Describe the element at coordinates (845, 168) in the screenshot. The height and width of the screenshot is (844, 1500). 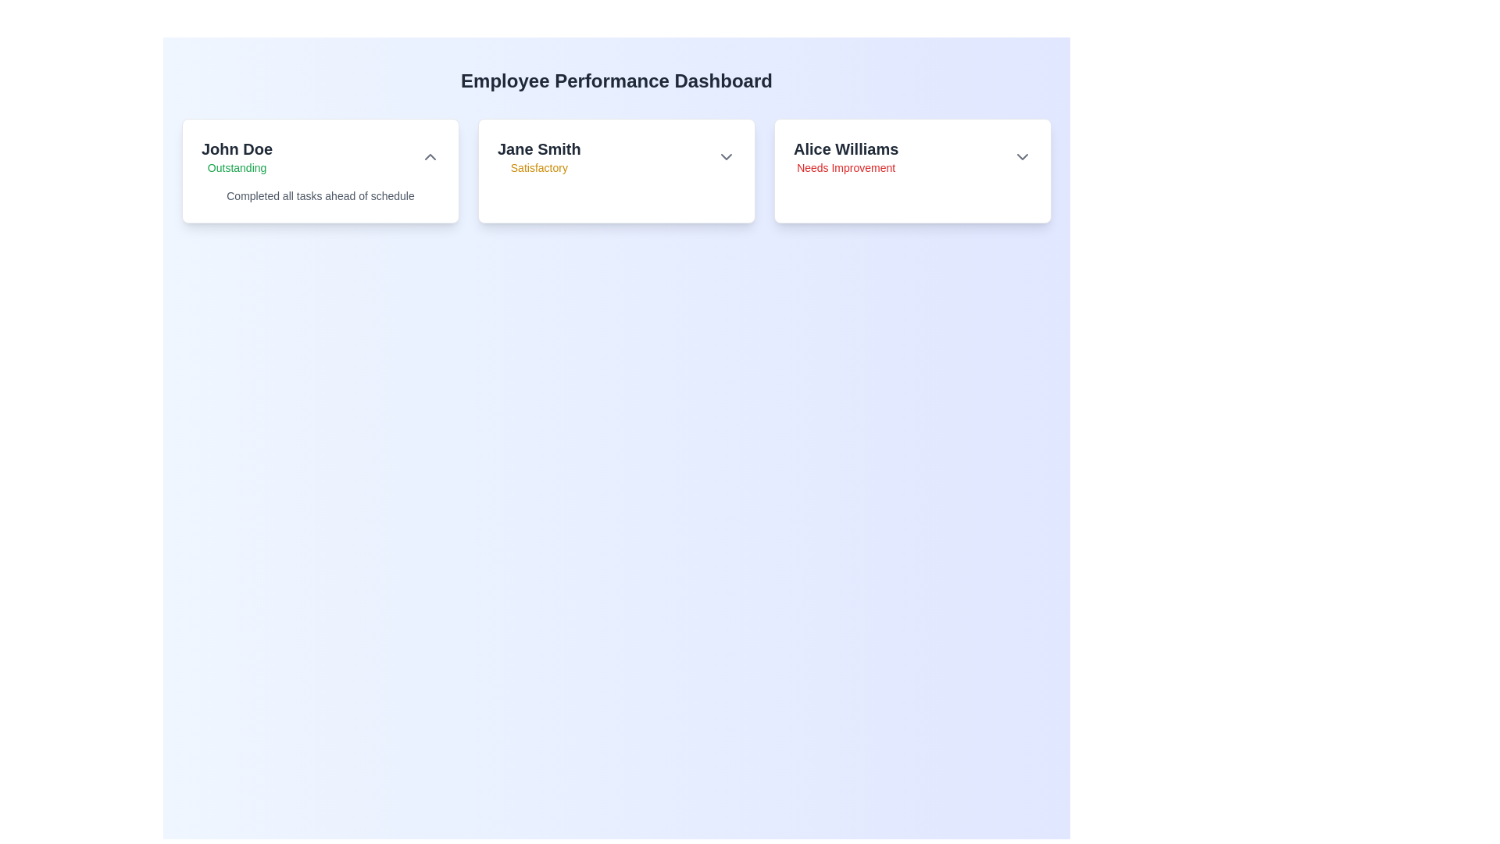
I see `the text label displaying 'Needs Improvement' in bold red font, located directly below 'Alice Williams' in the right-most performance card on the dashboard` at that location.